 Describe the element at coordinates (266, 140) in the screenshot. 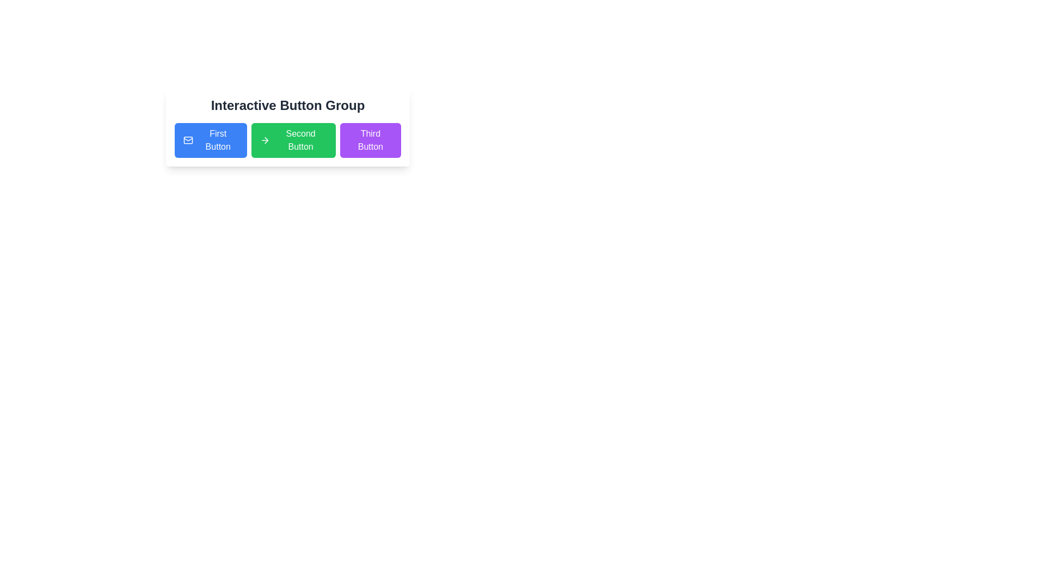

I see `the right-pointing arrow graphic within the 'Second Button' area, which is highlighted in green` at that location.